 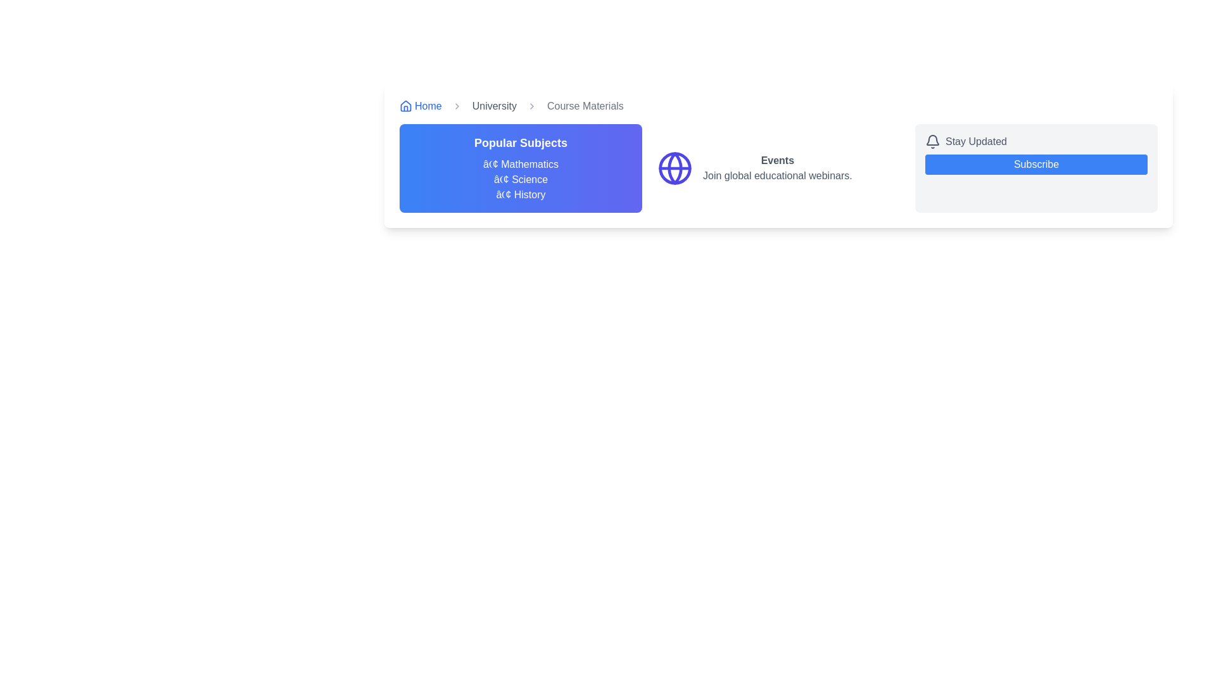 I want to click on the 'University' text link in the breadcrumb navigation, so click(x=493, y=106).